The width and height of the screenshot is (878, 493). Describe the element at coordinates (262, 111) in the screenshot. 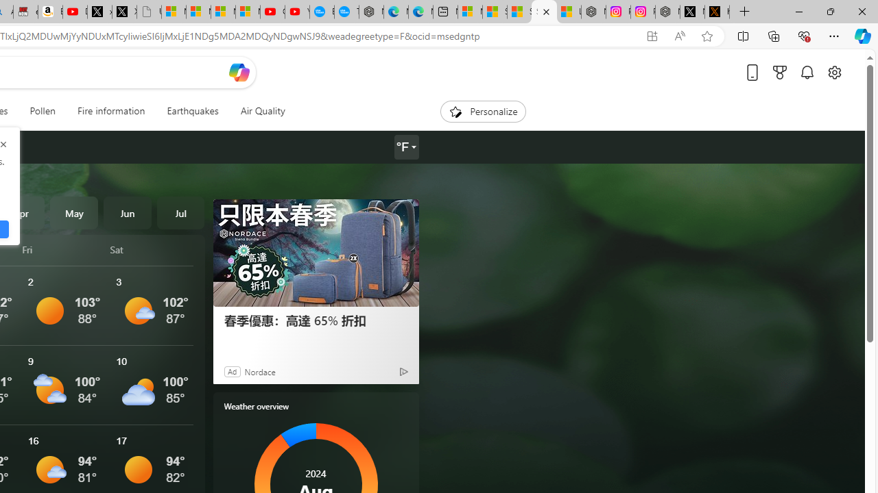

I see `'Air Quality'` at that location.